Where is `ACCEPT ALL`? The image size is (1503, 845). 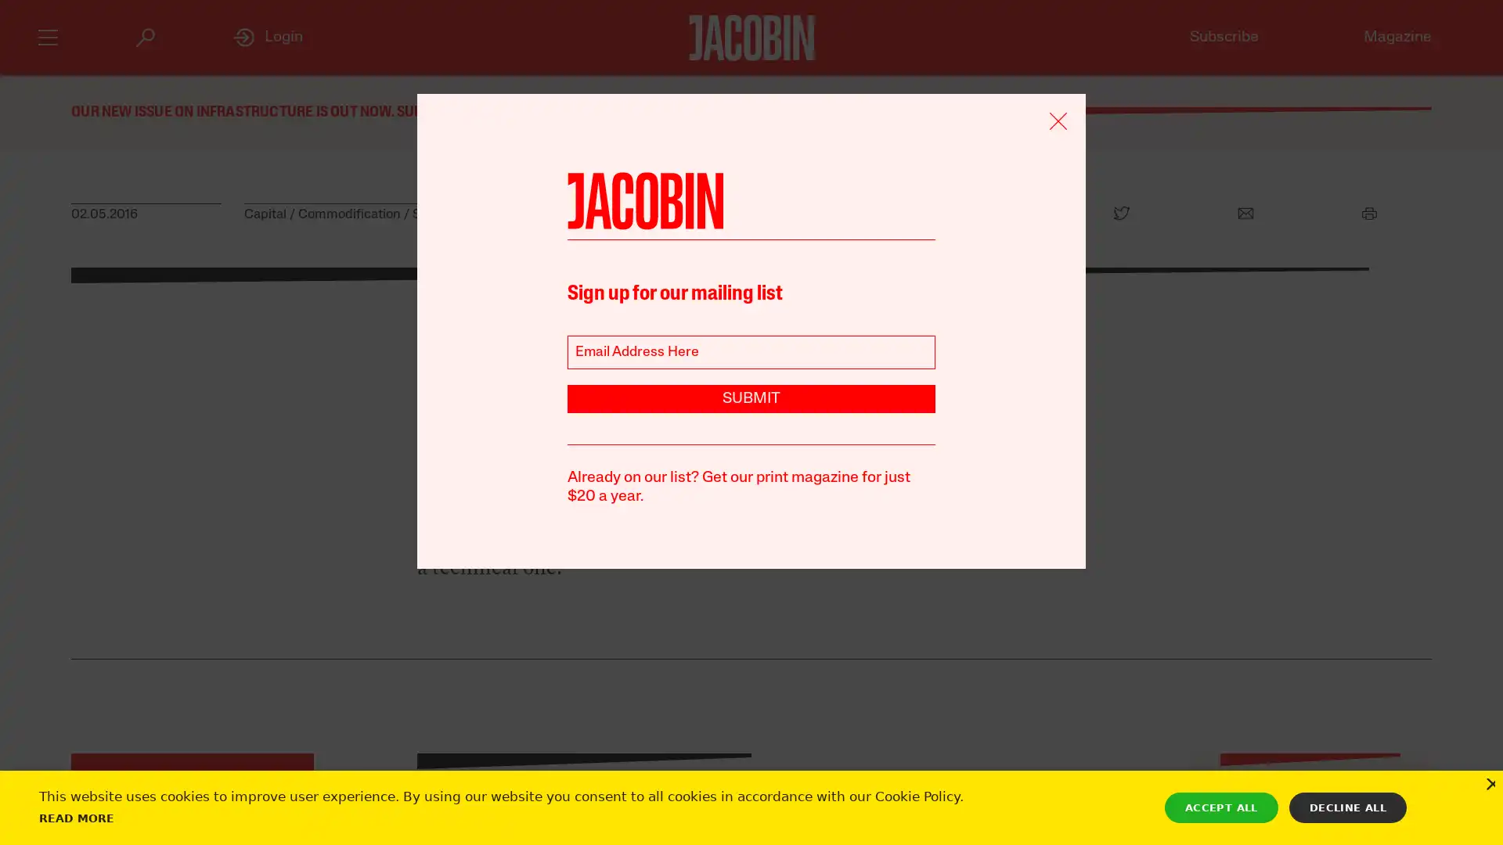 ACCEPT ALL is located at coordinates (1220, 807).